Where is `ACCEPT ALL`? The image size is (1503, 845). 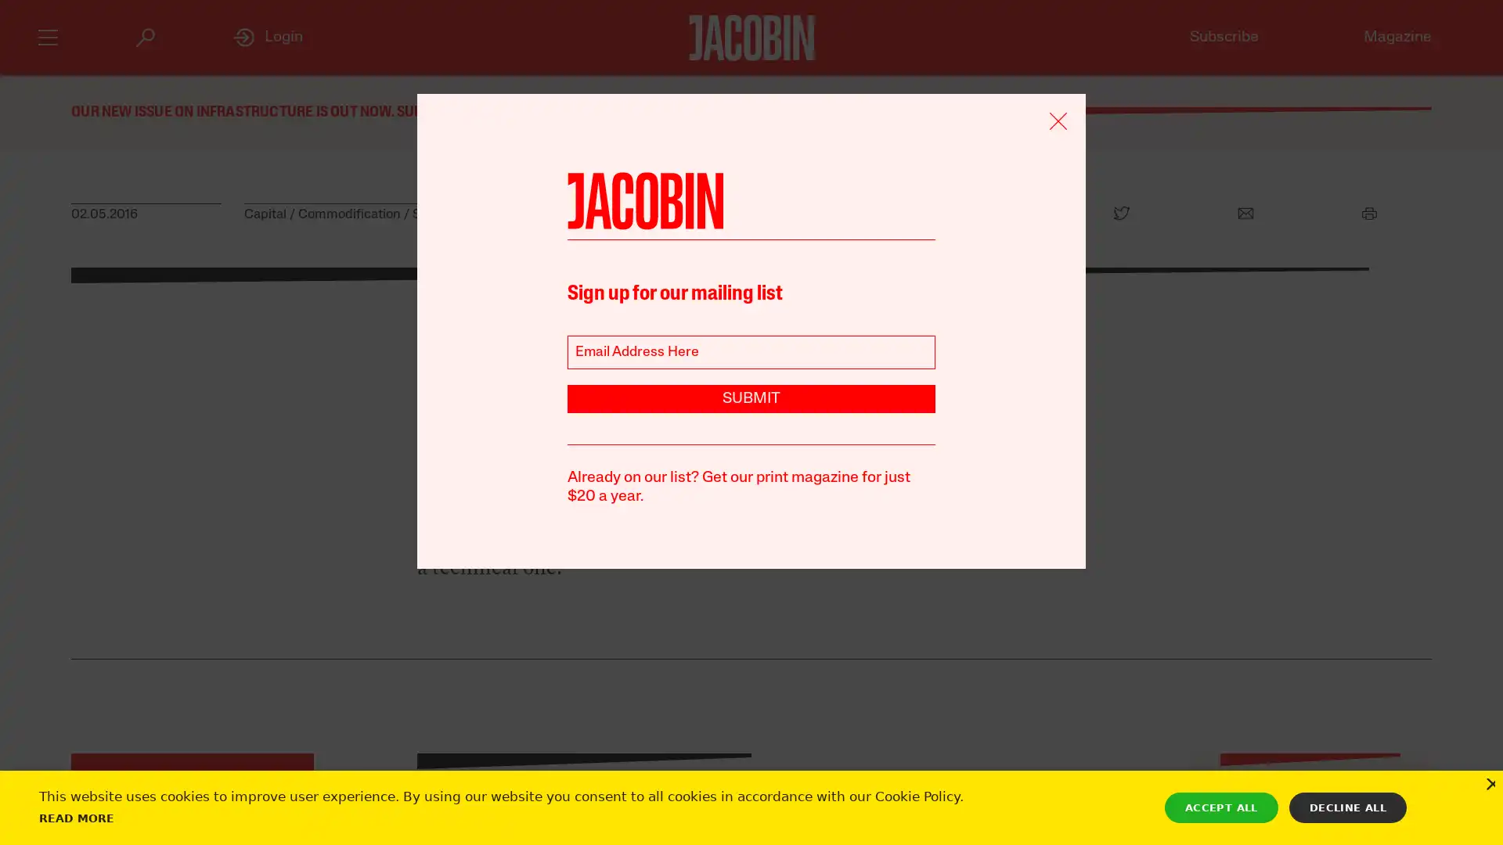 ACCEPT ALL is located at coordinates (1220, 807).